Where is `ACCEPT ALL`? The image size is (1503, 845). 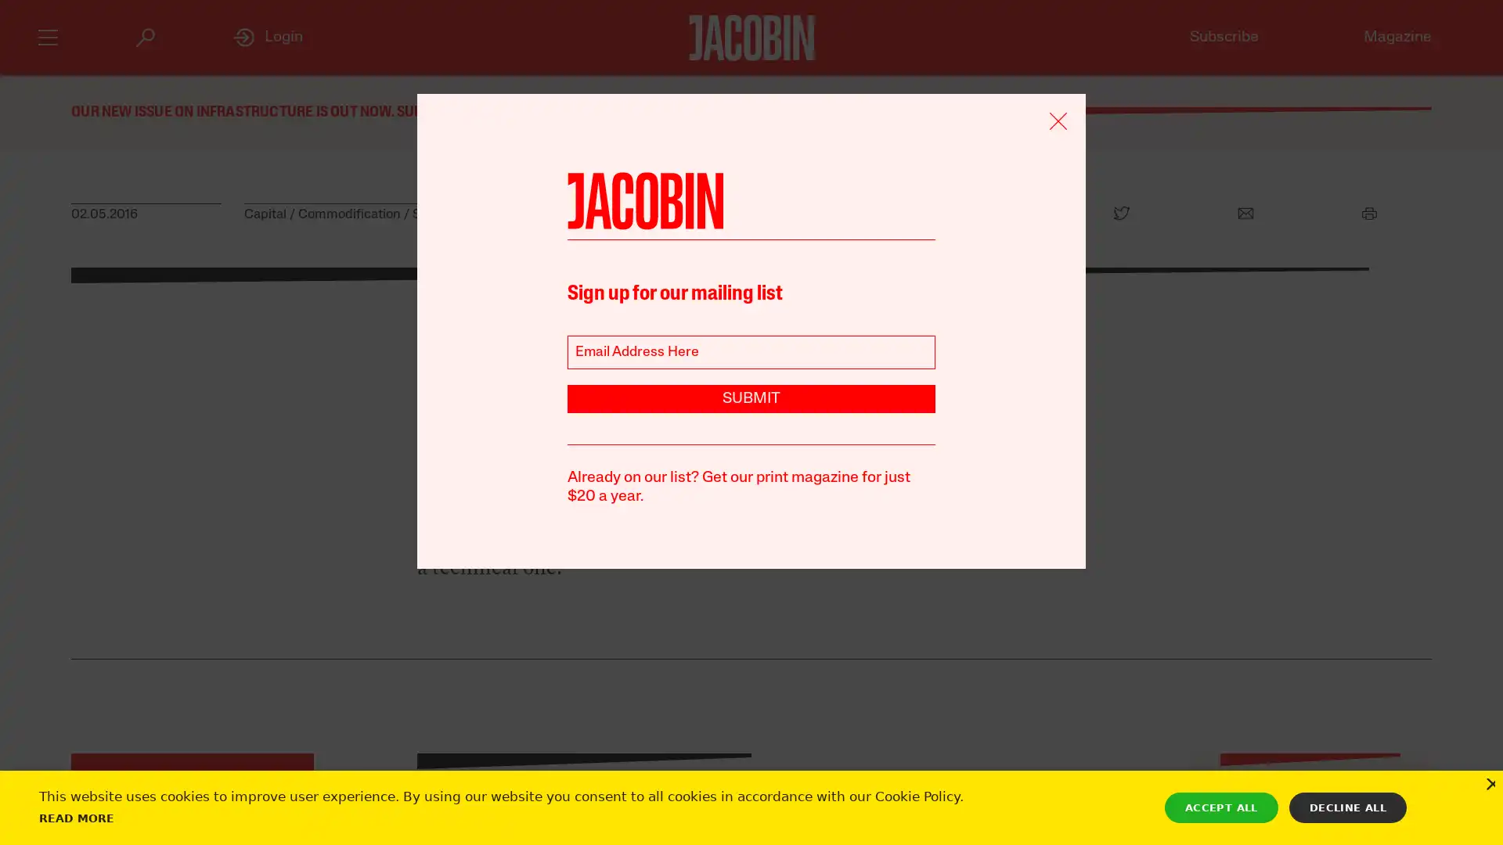 ACCEPT ALL is located at coordinates (1220, 807).